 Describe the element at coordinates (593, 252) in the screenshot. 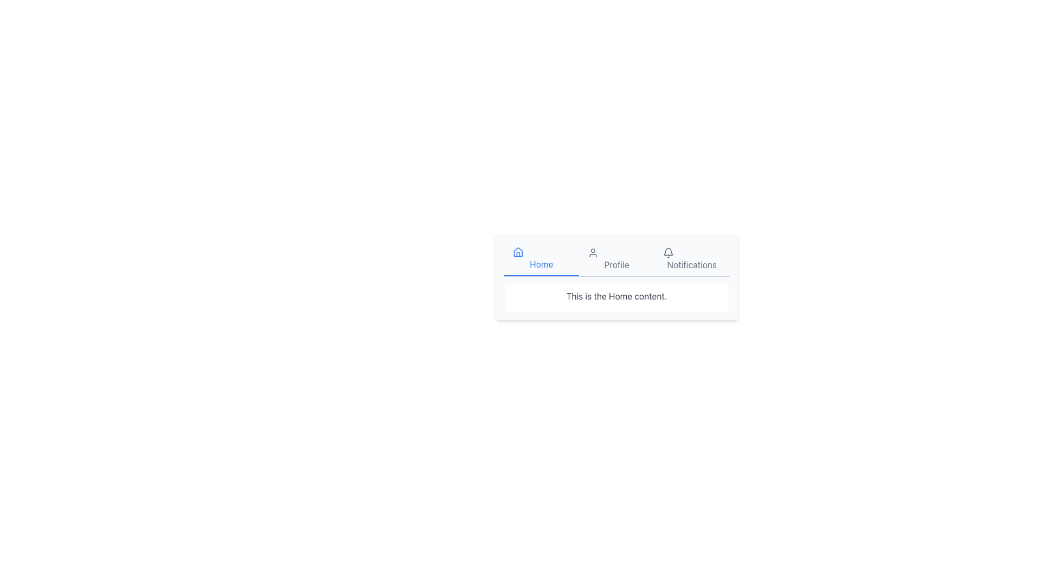

I see `the 'Profile' icon located in the navigation bar` at that location.